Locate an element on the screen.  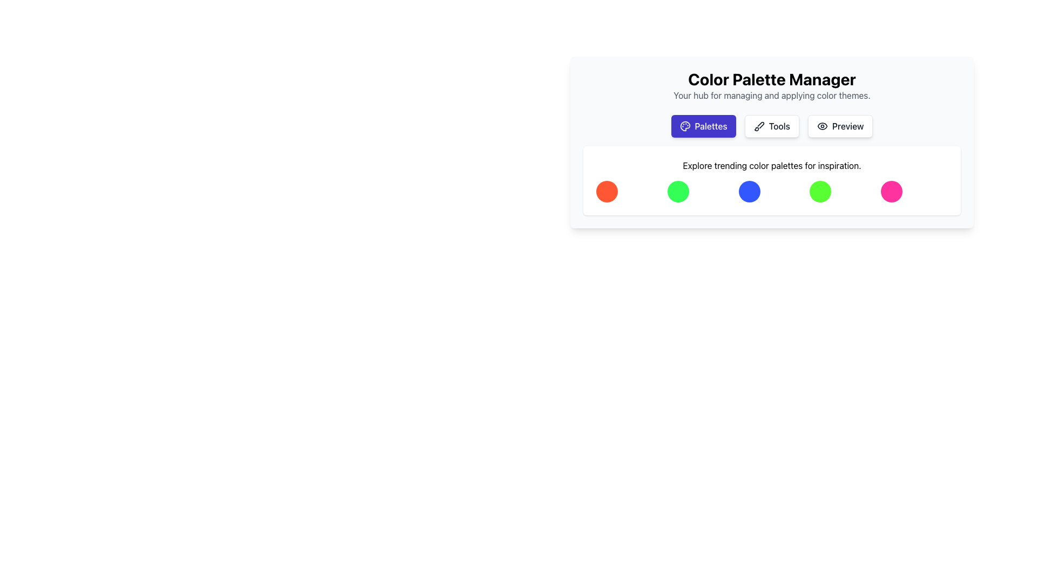
the blue color option circle with the title '#3357FF' in the color palette tool is located at coordinates (749, 191).